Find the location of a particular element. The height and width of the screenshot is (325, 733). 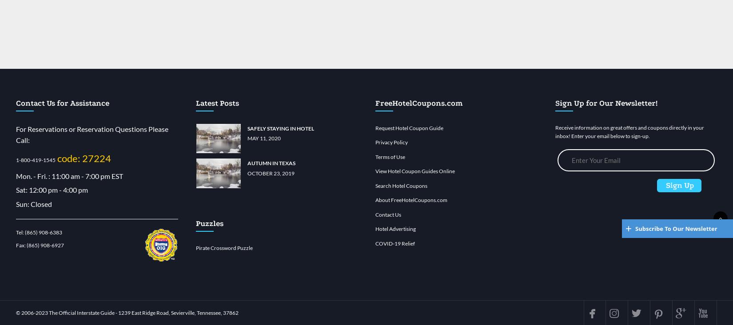

'Pirate Crossword Puzzle' is located at coordinates (223, 247).